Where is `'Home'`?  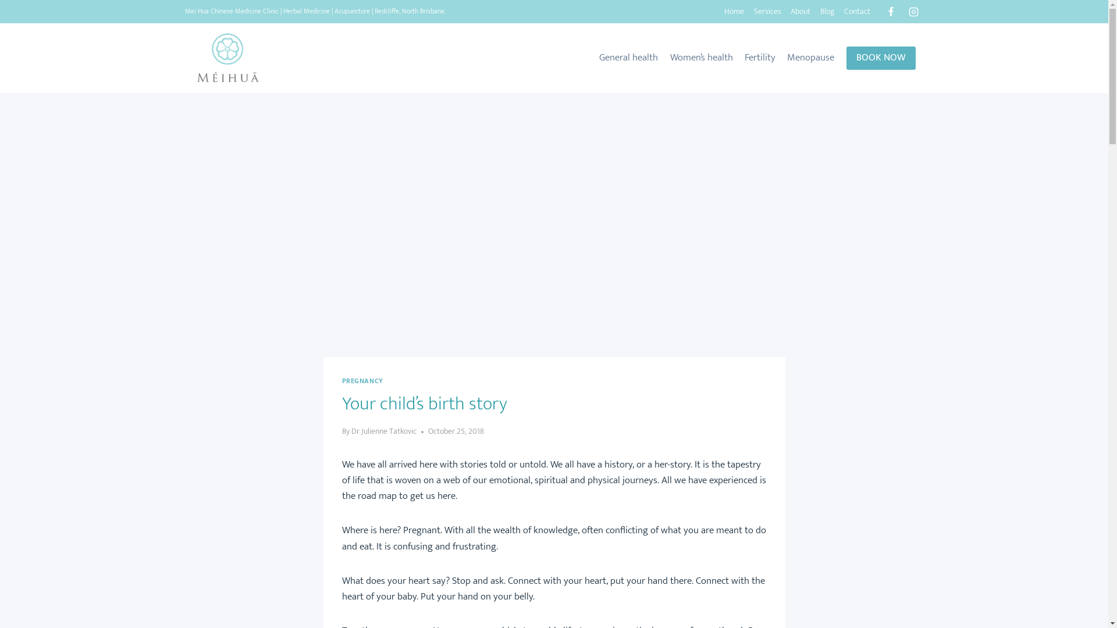
'Home' is located at coordinates (733, 12).